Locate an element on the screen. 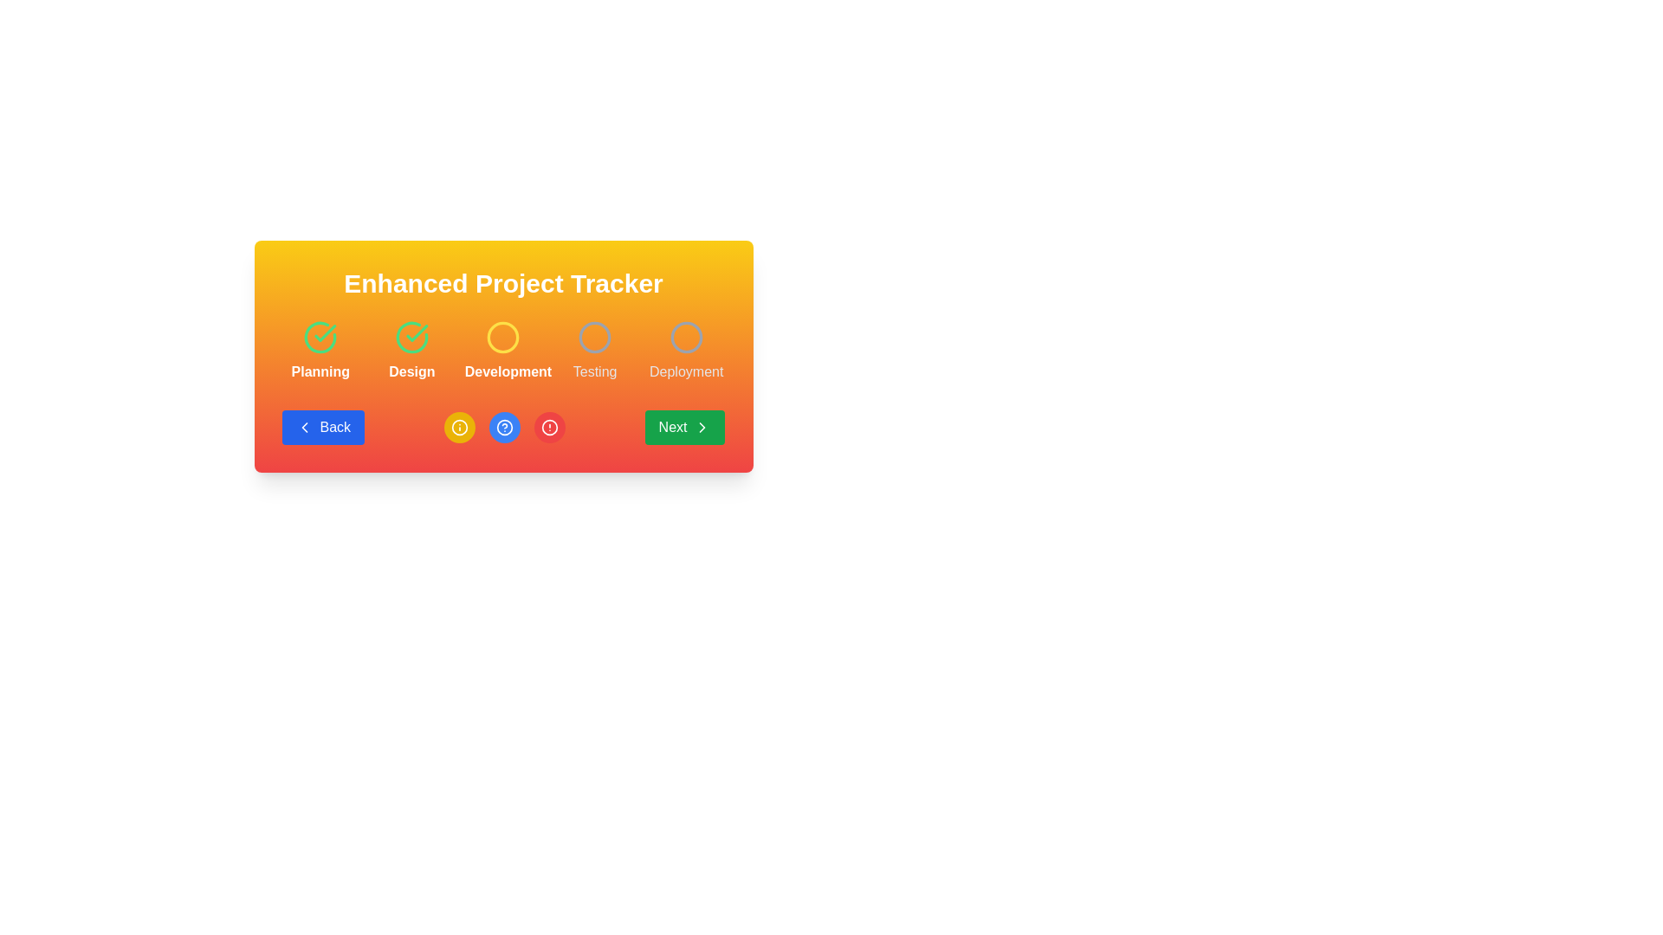 The image size is (1663, 935). the status represented by the fourth progress tracker stage indicator, which is a gray circular icon above the text 'Testing' is located at coordinates (594, 351).